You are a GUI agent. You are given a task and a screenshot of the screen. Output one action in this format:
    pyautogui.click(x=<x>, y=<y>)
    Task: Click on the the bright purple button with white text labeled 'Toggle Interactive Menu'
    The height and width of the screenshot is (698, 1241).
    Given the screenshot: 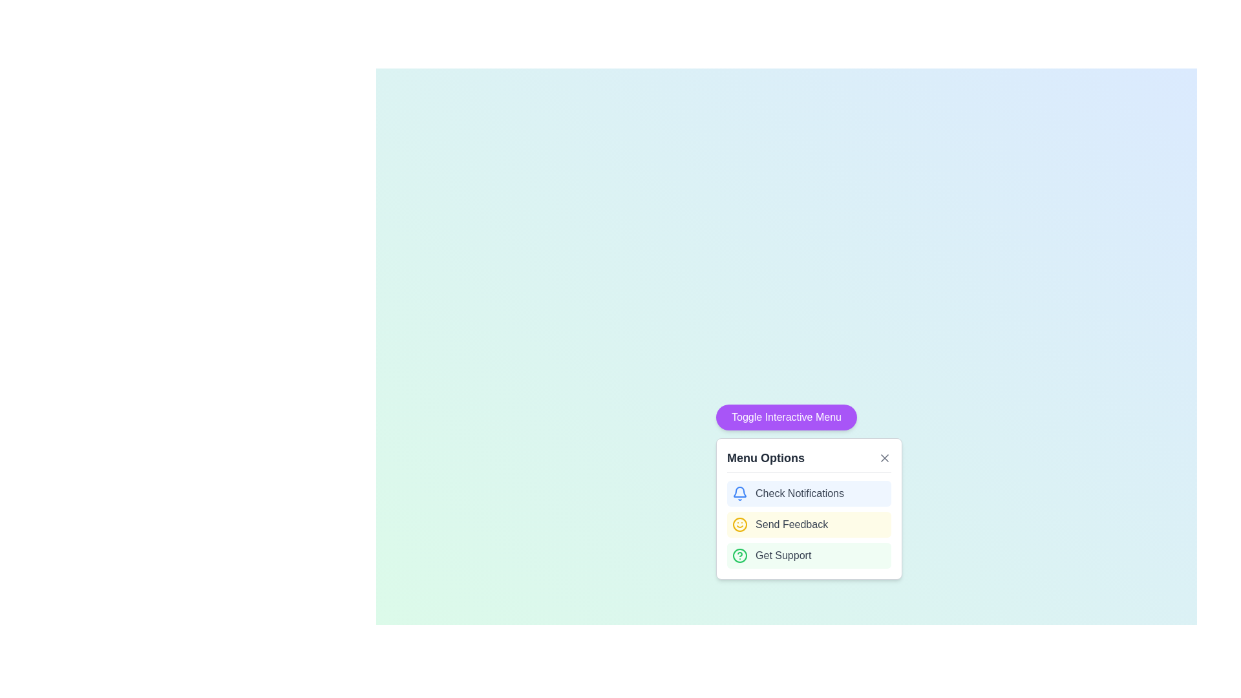 What is the action you would take?
    pyautogui.click(x=786, y=417)
    